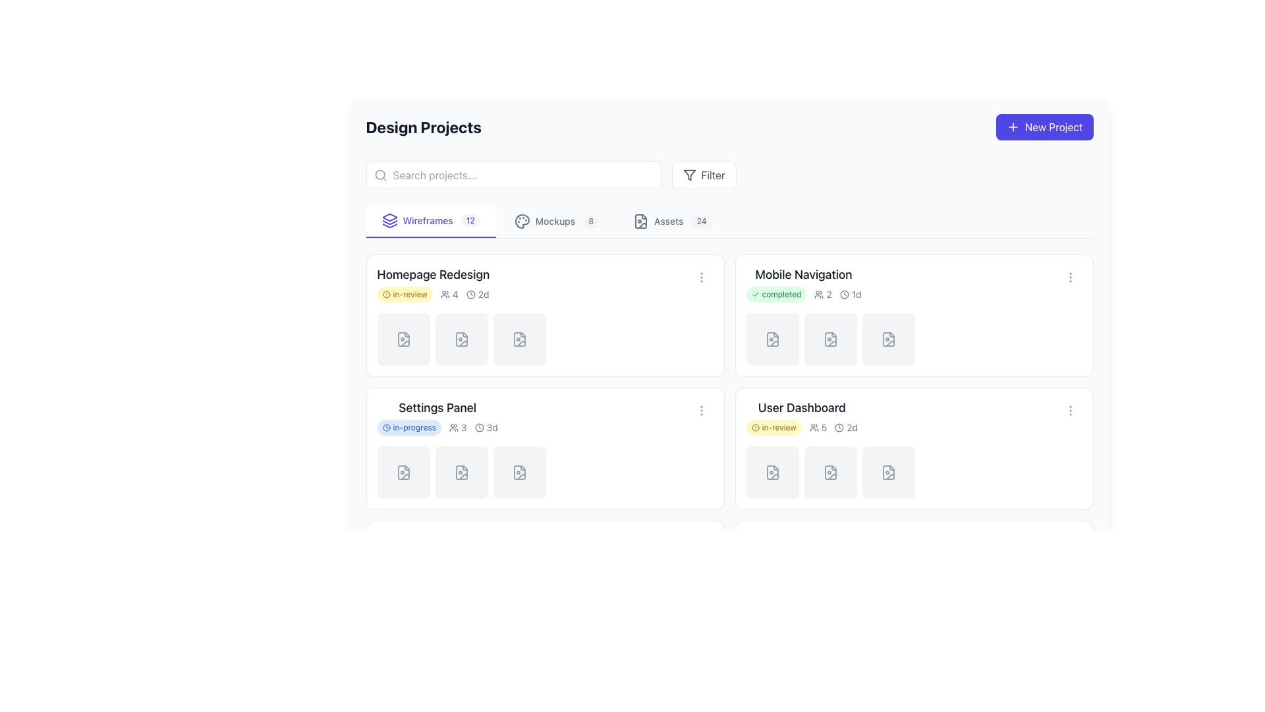 The height and width of the screenshot is (712, 1265). Describe the element at coordinates (521, 220) in the screenshot. I see `the 'Mockups' icon located in the top-center navigation bar, which serves as a visual identifier for the 'Mockups' section` at that location.